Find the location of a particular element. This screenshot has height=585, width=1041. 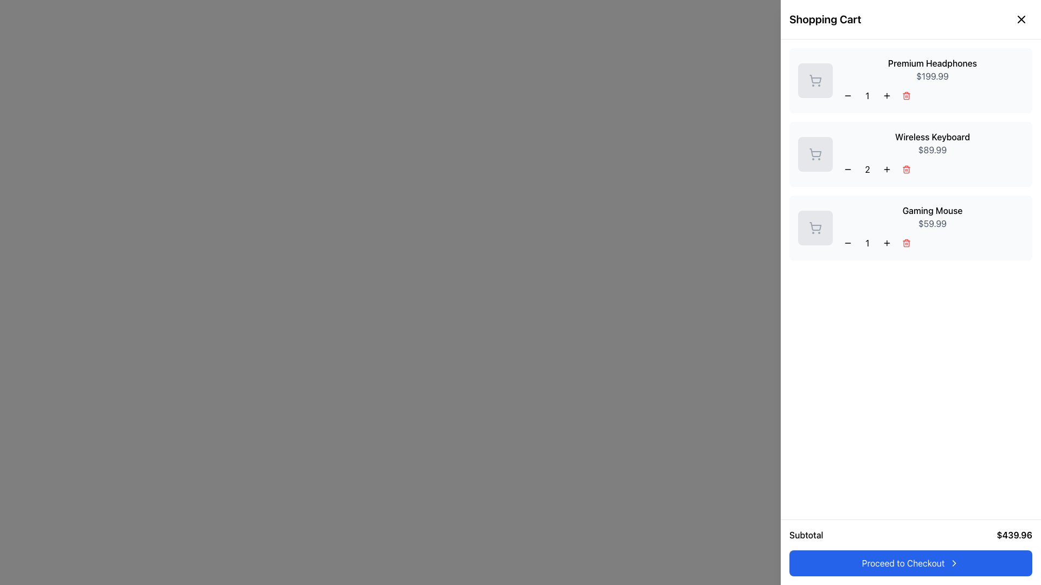

the button with a plus icon located in the shopping cart row for 'Premium Headphones' to increment the quantity of the associated item is located at coordinates (887, 95).